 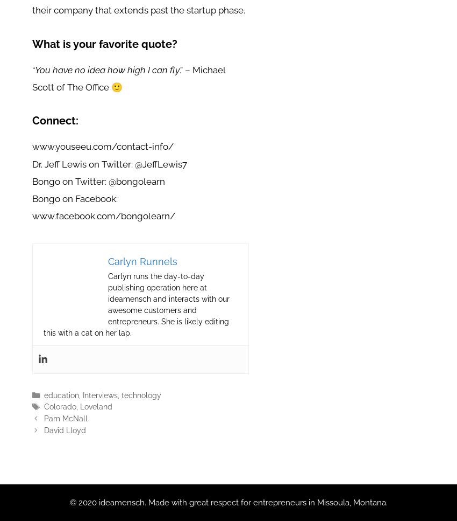 What do you see at coordinates (65, 418) in the screenshot?
I see `'Pam McNall'` at bounding box center [65, 418].